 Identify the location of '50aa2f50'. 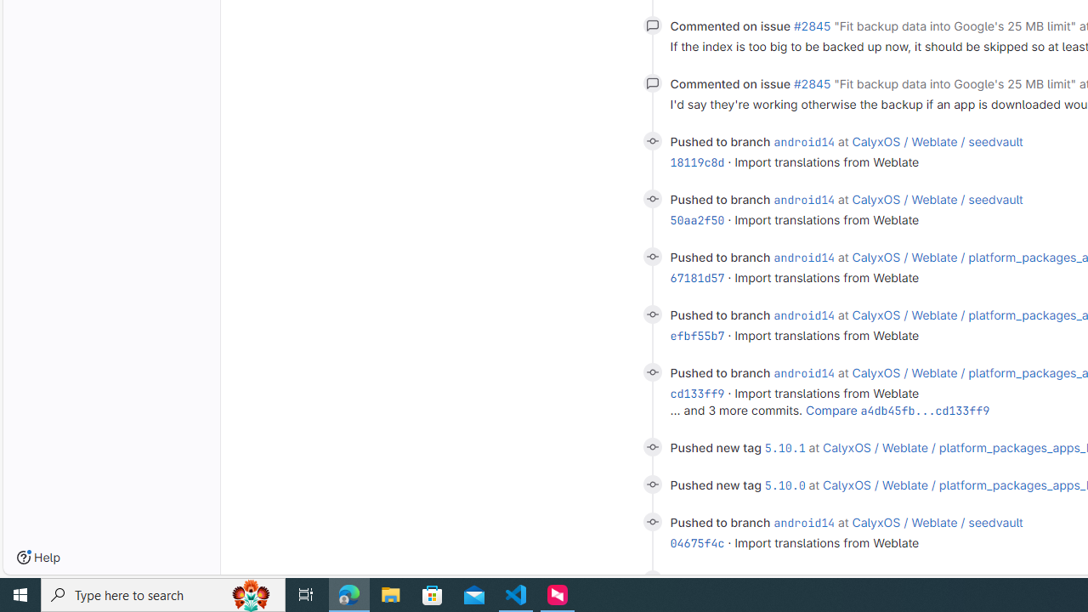
(697, 218).